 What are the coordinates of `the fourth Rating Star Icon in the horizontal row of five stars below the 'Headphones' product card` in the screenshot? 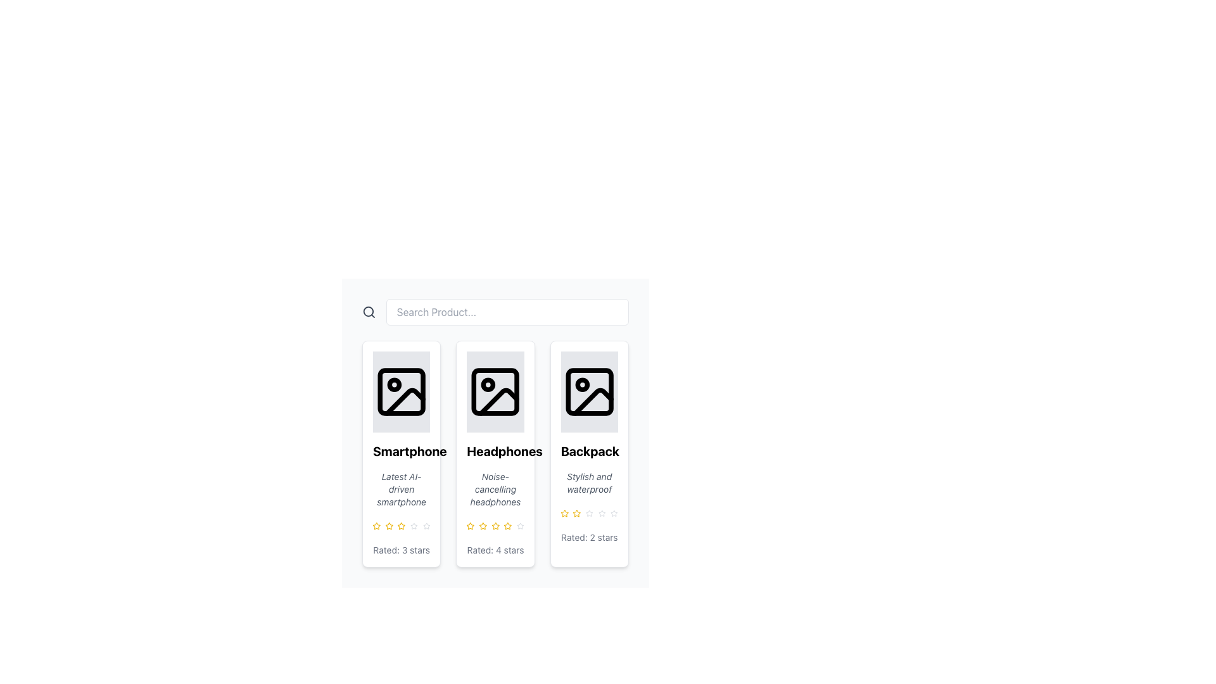 It's located at (495, 526).